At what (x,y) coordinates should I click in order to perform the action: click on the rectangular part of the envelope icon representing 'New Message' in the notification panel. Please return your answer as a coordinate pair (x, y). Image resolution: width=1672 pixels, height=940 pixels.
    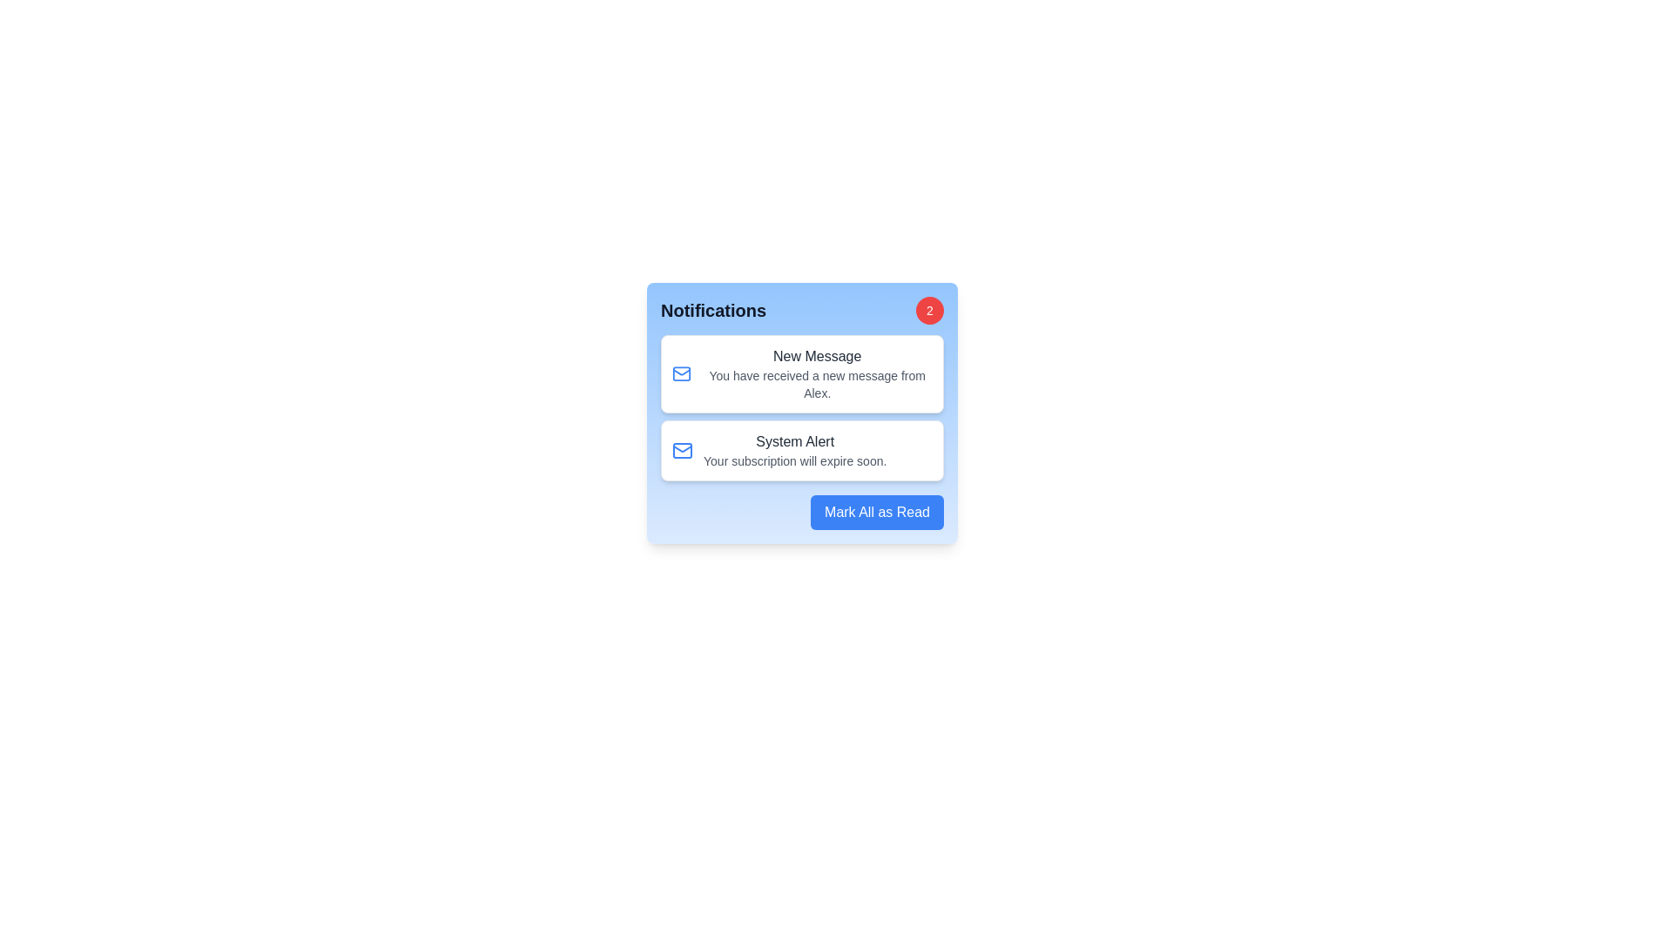
    Looking at the image, I should click on (681, 373).